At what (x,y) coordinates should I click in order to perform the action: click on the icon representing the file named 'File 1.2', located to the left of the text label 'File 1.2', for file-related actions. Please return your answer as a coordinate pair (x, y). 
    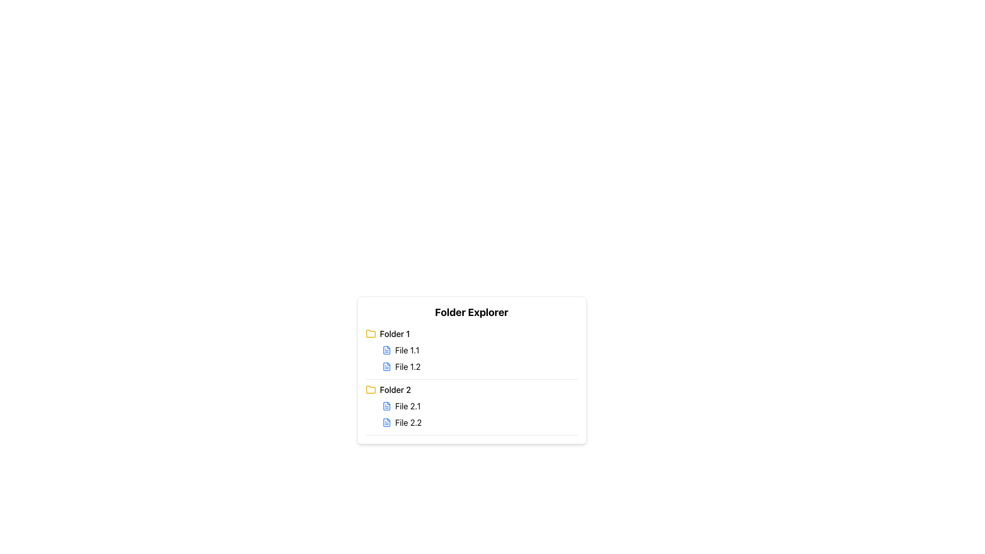
    Looking at the image, I should click on (386, 366).